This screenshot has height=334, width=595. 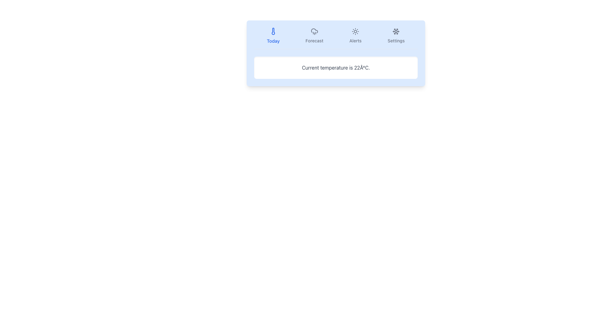 I want to click on temperature information displayed in the informational panel with a light blue background located in the central upper portion of the interface, so click(x=336, y=53).